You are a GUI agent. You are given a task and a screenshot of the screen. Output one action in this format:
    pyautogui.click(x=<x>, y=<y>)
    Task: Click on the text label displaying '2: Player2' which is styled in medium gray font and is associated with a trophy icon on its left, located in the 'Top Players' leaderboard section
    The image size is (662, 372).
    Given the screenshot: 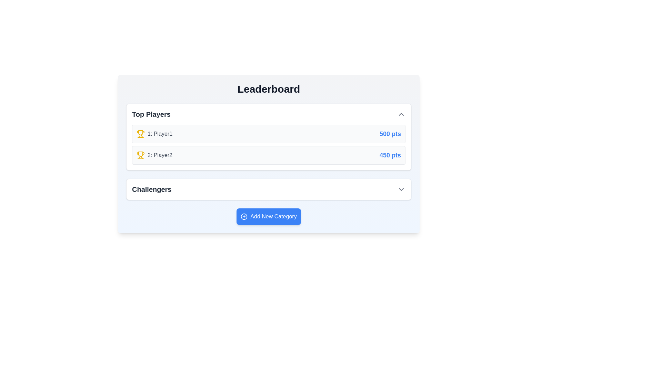 What is the action you would take?
    pyautogui.click(x=154, y=155)
    